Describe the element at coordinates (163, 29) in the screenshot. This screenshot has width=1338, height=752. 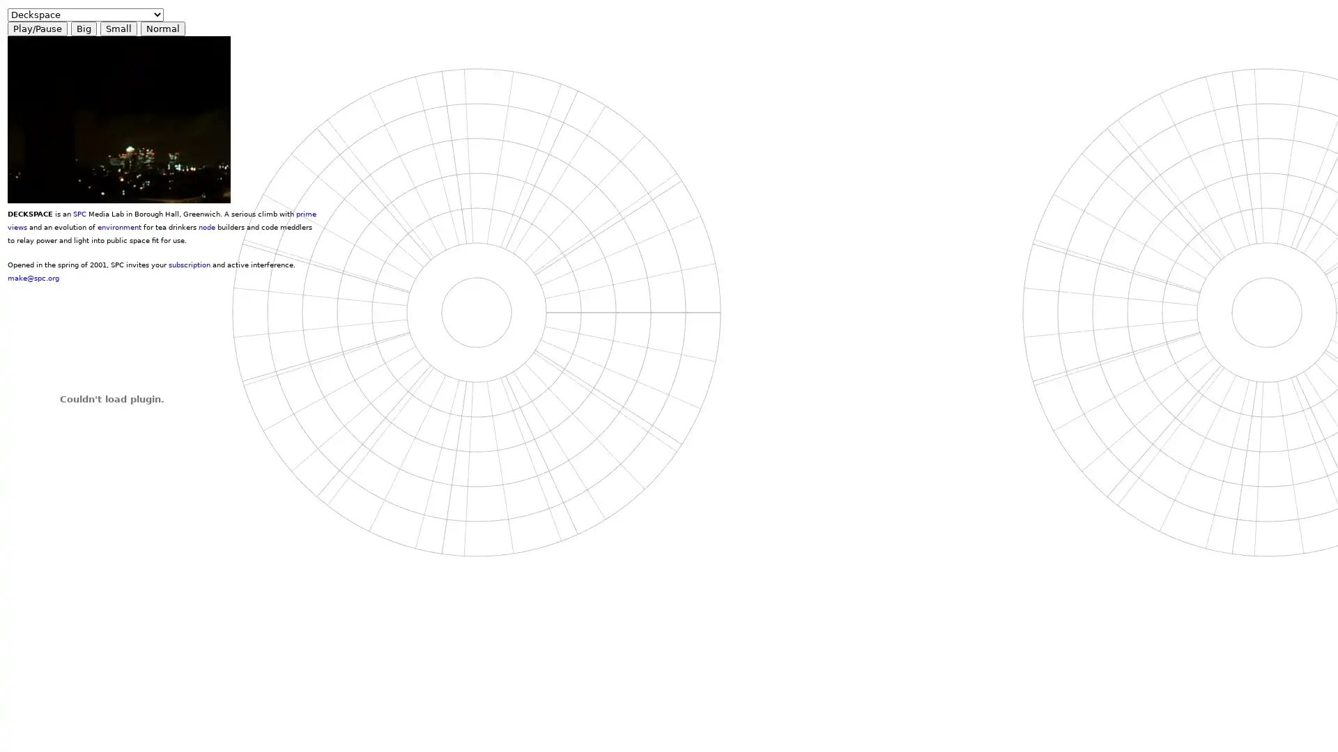
I see `Normal` at that location.